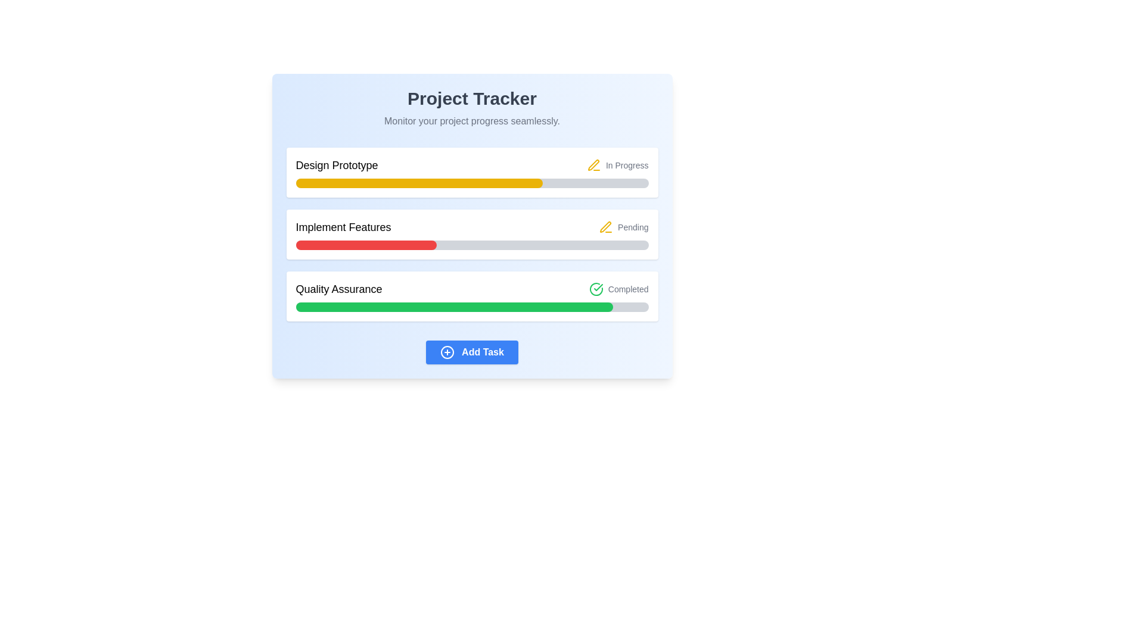  What do you see at coordinates (317, 183) in the screenshot?
I see `the progress bar` at bounding box center [317, 183].